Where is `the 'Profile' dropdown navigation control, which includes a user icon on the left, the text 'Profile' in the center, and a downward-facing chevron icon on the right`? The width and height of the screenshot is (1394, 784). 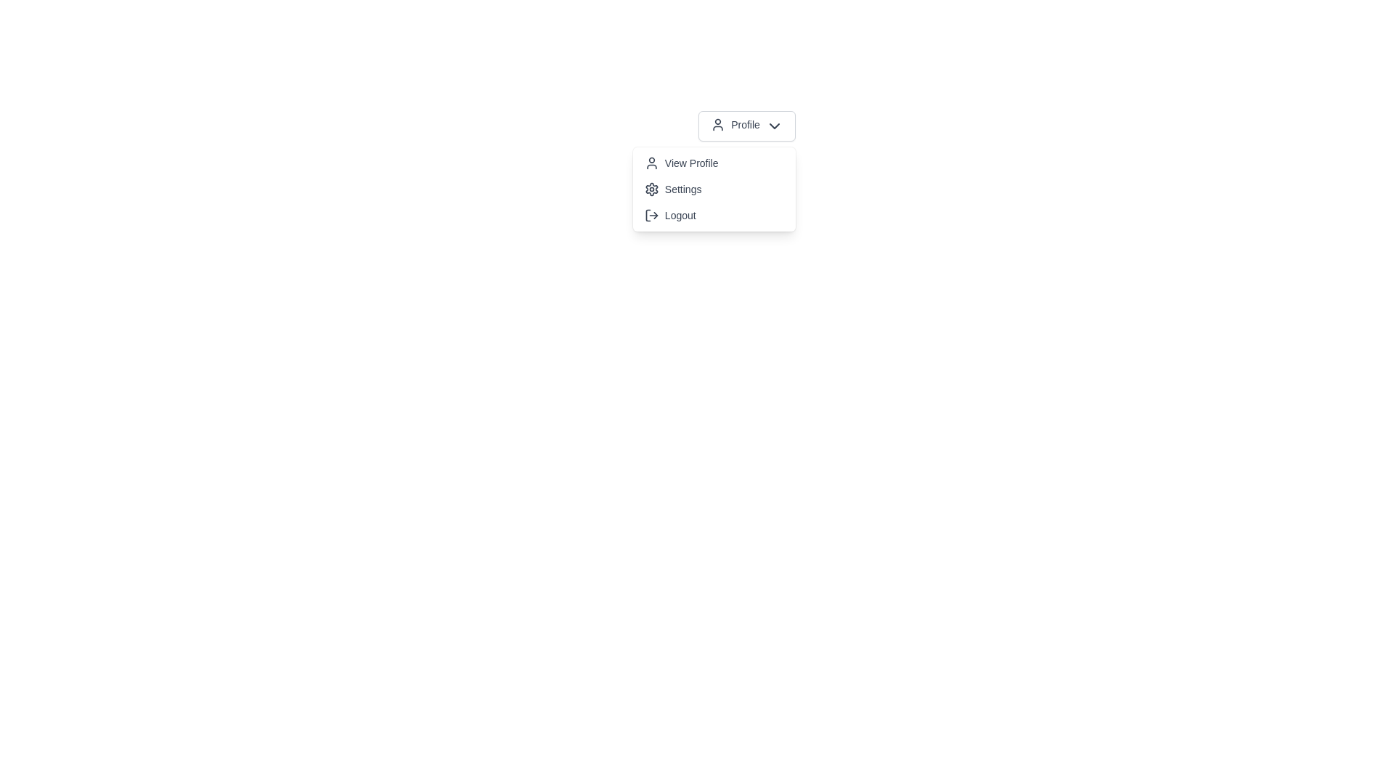
the 'Profile' dropdown navigation control, which includes a user icon on the left, the text 'Profile' in the center, and a downward-facing chevron icon on the right is located at coordinates (746, 125).